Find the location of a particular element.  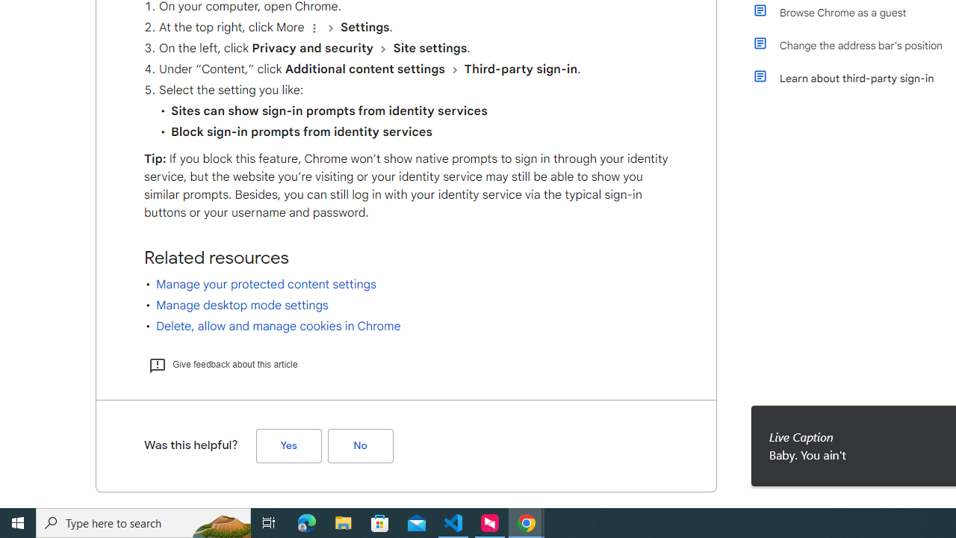

'Organize' is located at coordinates (313, 28).